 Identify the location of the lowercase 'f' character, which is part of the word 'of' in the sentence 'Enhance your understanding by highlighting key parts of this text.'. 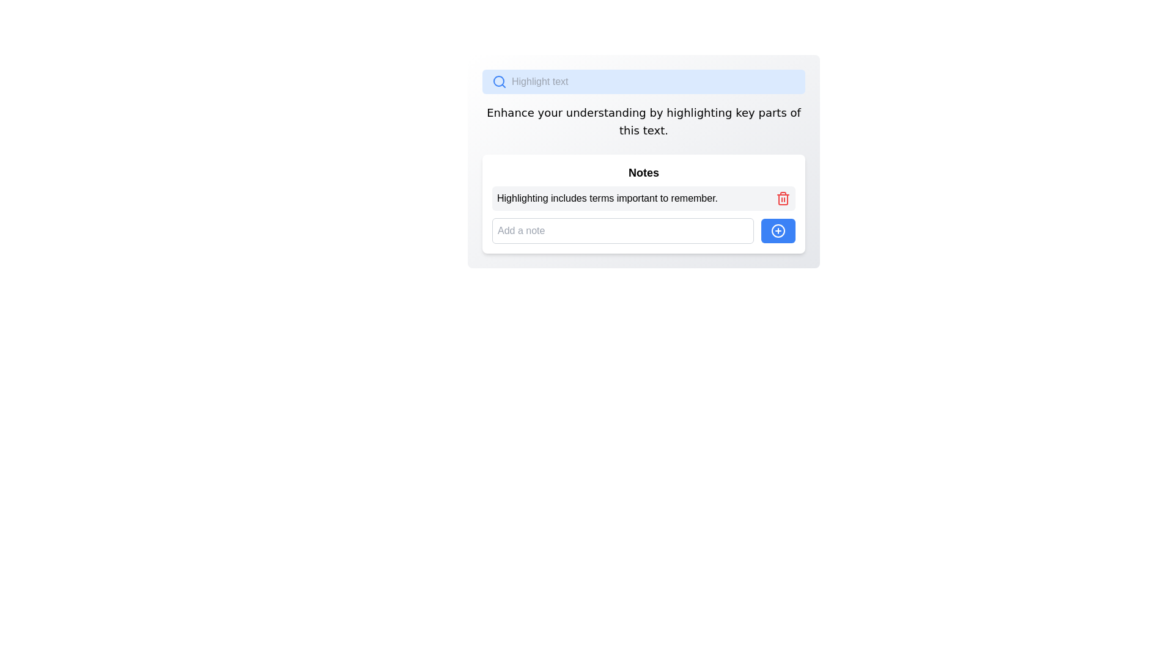
(799, 112).